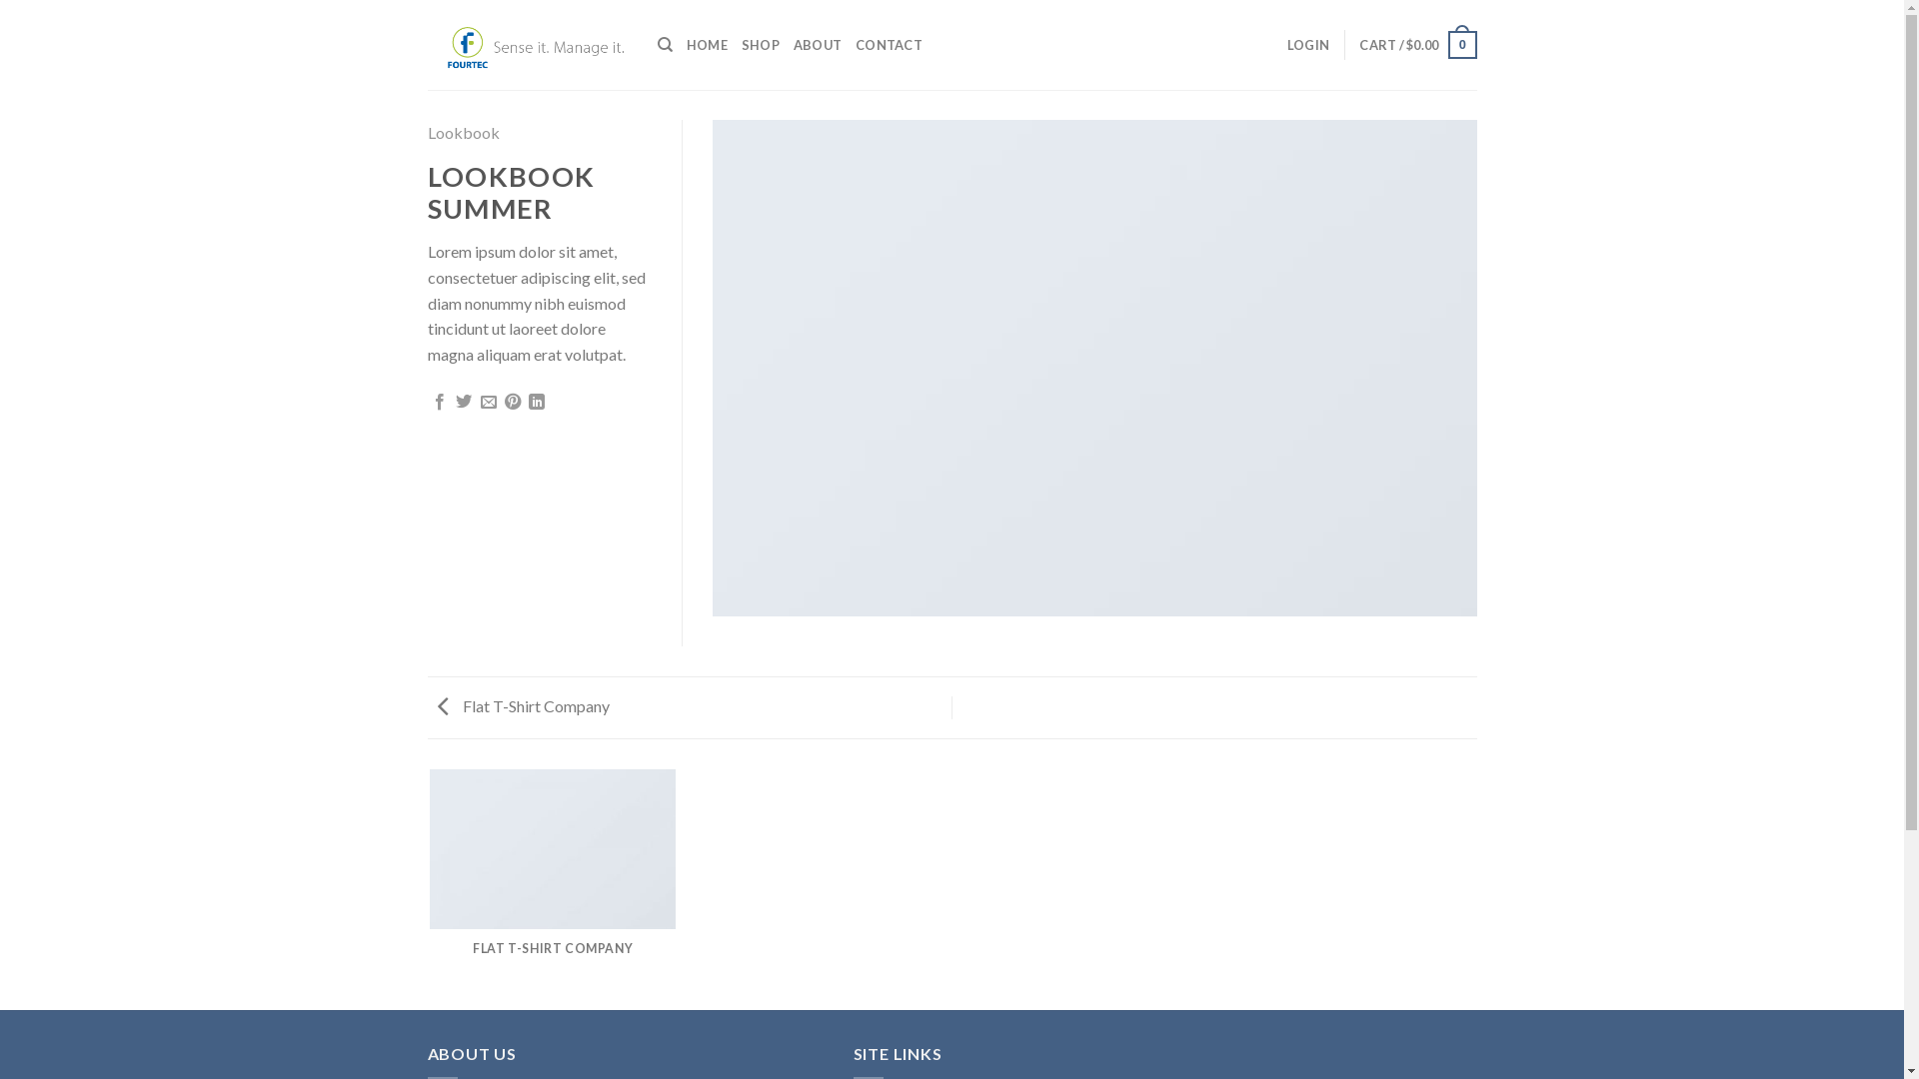  I want to click on 'Share on LinkedIn', so click(528, 402).